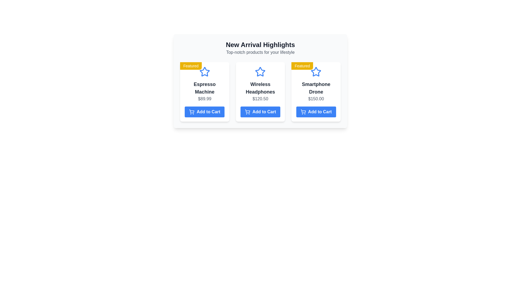 The height and width of the screenshot is (292, 520). I want to click on the star-shaped icon with a blue outline located within the 'Smartphone Drone' product card under the 'Featured' label, so click(316, 71).